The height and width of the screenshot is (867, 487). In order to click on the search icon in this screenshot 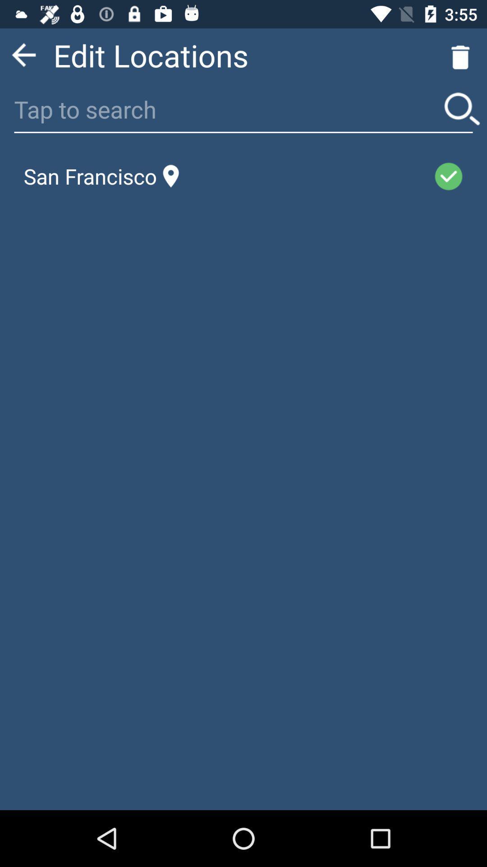, I will do `click(462, 108)`.